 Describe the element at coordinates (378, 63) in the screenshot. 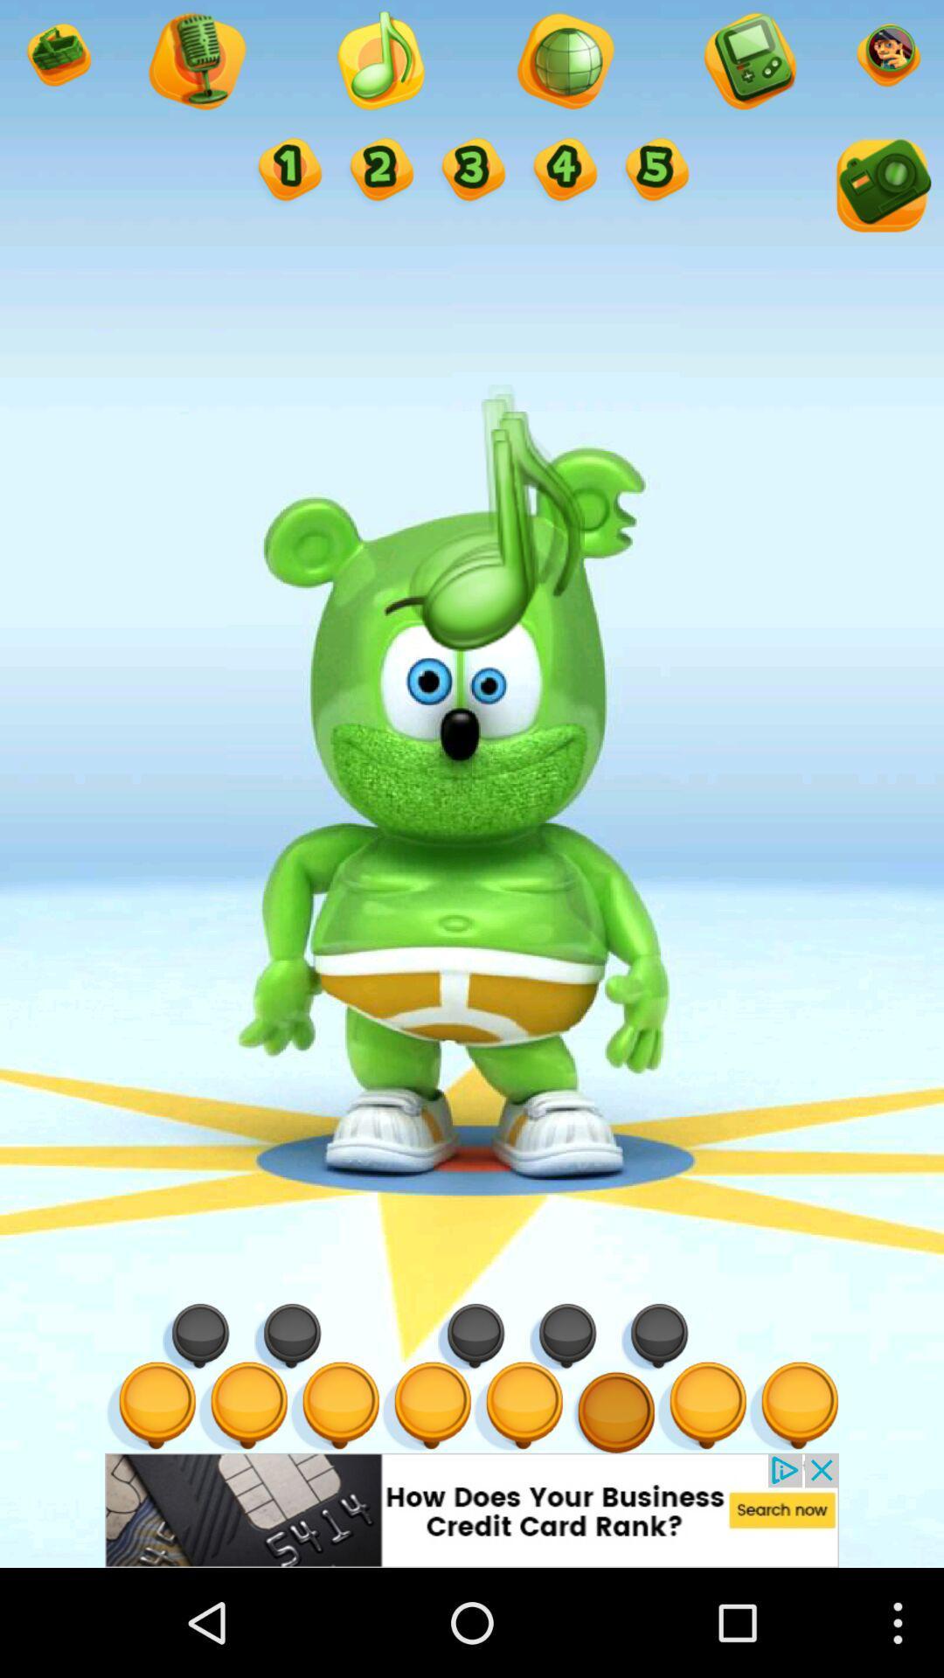

I see `a song` at that location.